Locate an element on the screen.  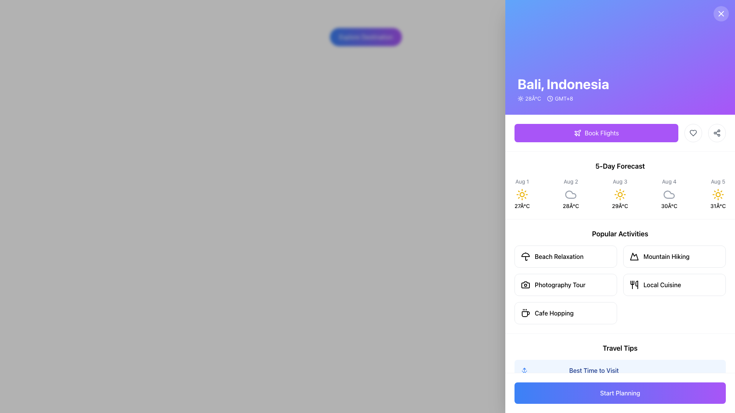
the 'Mountain Hiking' text label element, which is situated in the bottom-right option of the 'Popular Activities' section, next to a mountain icon is located at coordinates (666, 257).